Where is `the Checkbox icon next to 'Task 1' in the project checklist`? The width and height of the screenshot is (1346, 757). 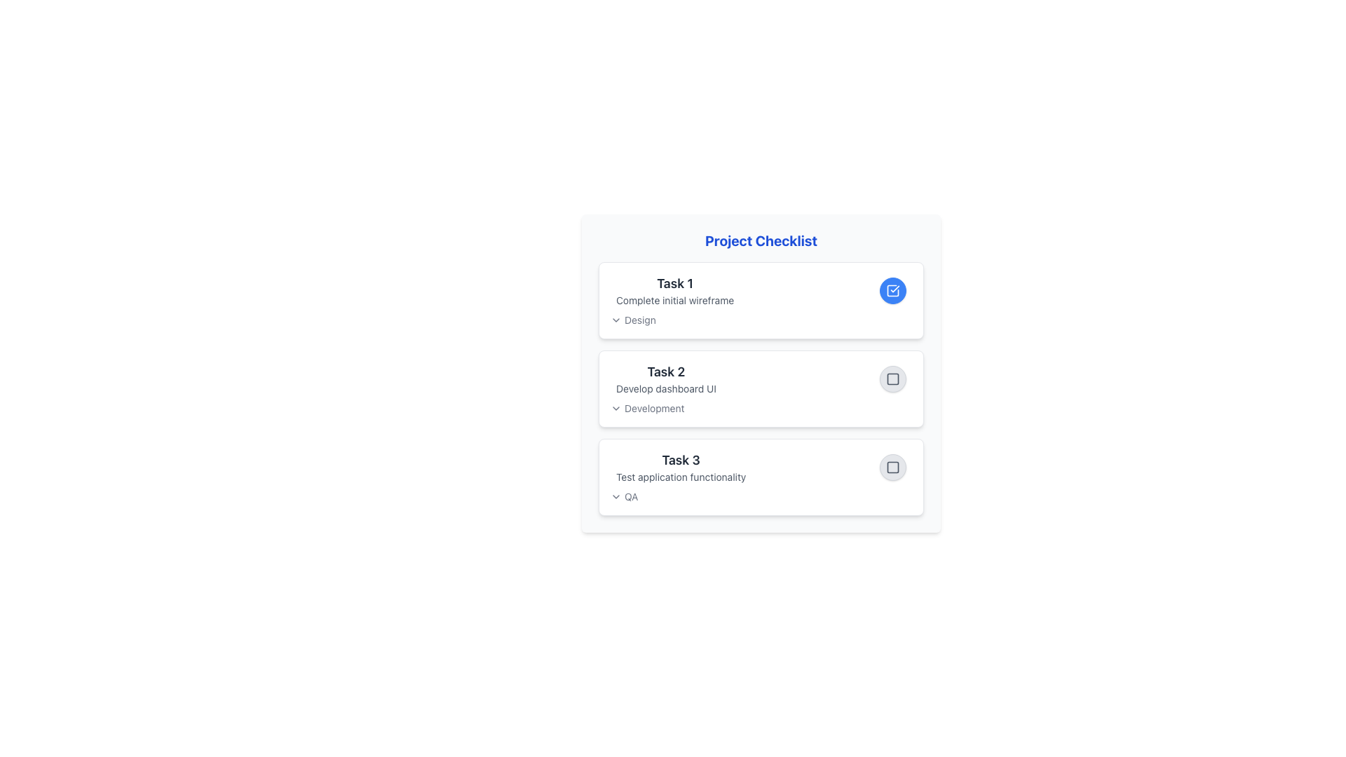 the Checkbox icon next to 'Task 1' in the project checklist is located at coordinates (892, 290).